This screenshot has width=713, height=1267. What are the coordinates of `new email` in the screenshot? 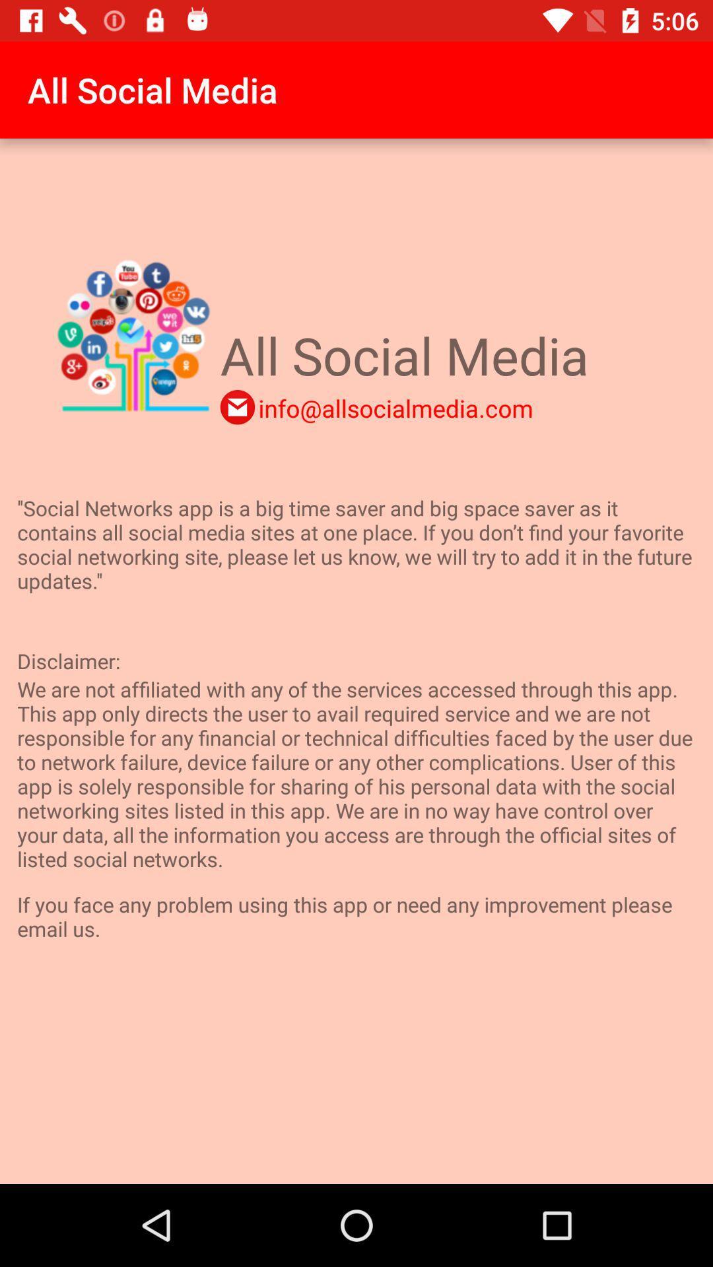 It's located at (236, 406).